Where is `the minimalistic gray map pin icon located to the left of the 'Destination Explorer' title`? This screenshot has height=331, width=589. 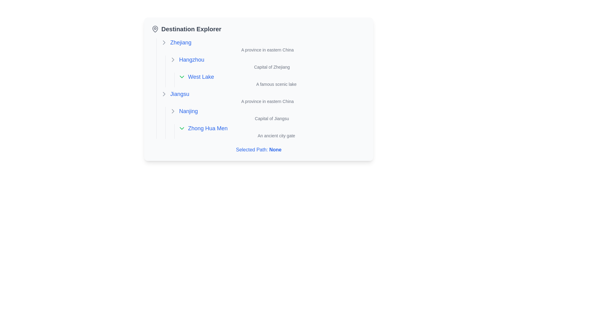 the minimalistic gray map pin icon located to the left of the 'Destination Explorer' title is located at coordinates (155, 29).